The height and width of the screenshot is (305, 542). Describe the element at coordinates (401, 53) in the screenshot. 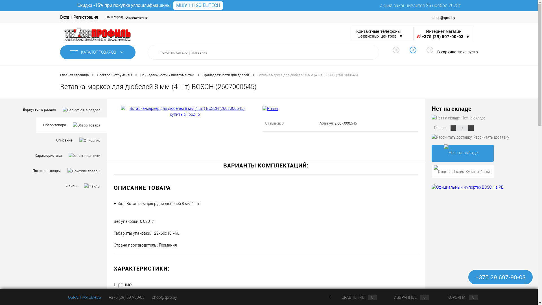

I see `'0'` at that location.